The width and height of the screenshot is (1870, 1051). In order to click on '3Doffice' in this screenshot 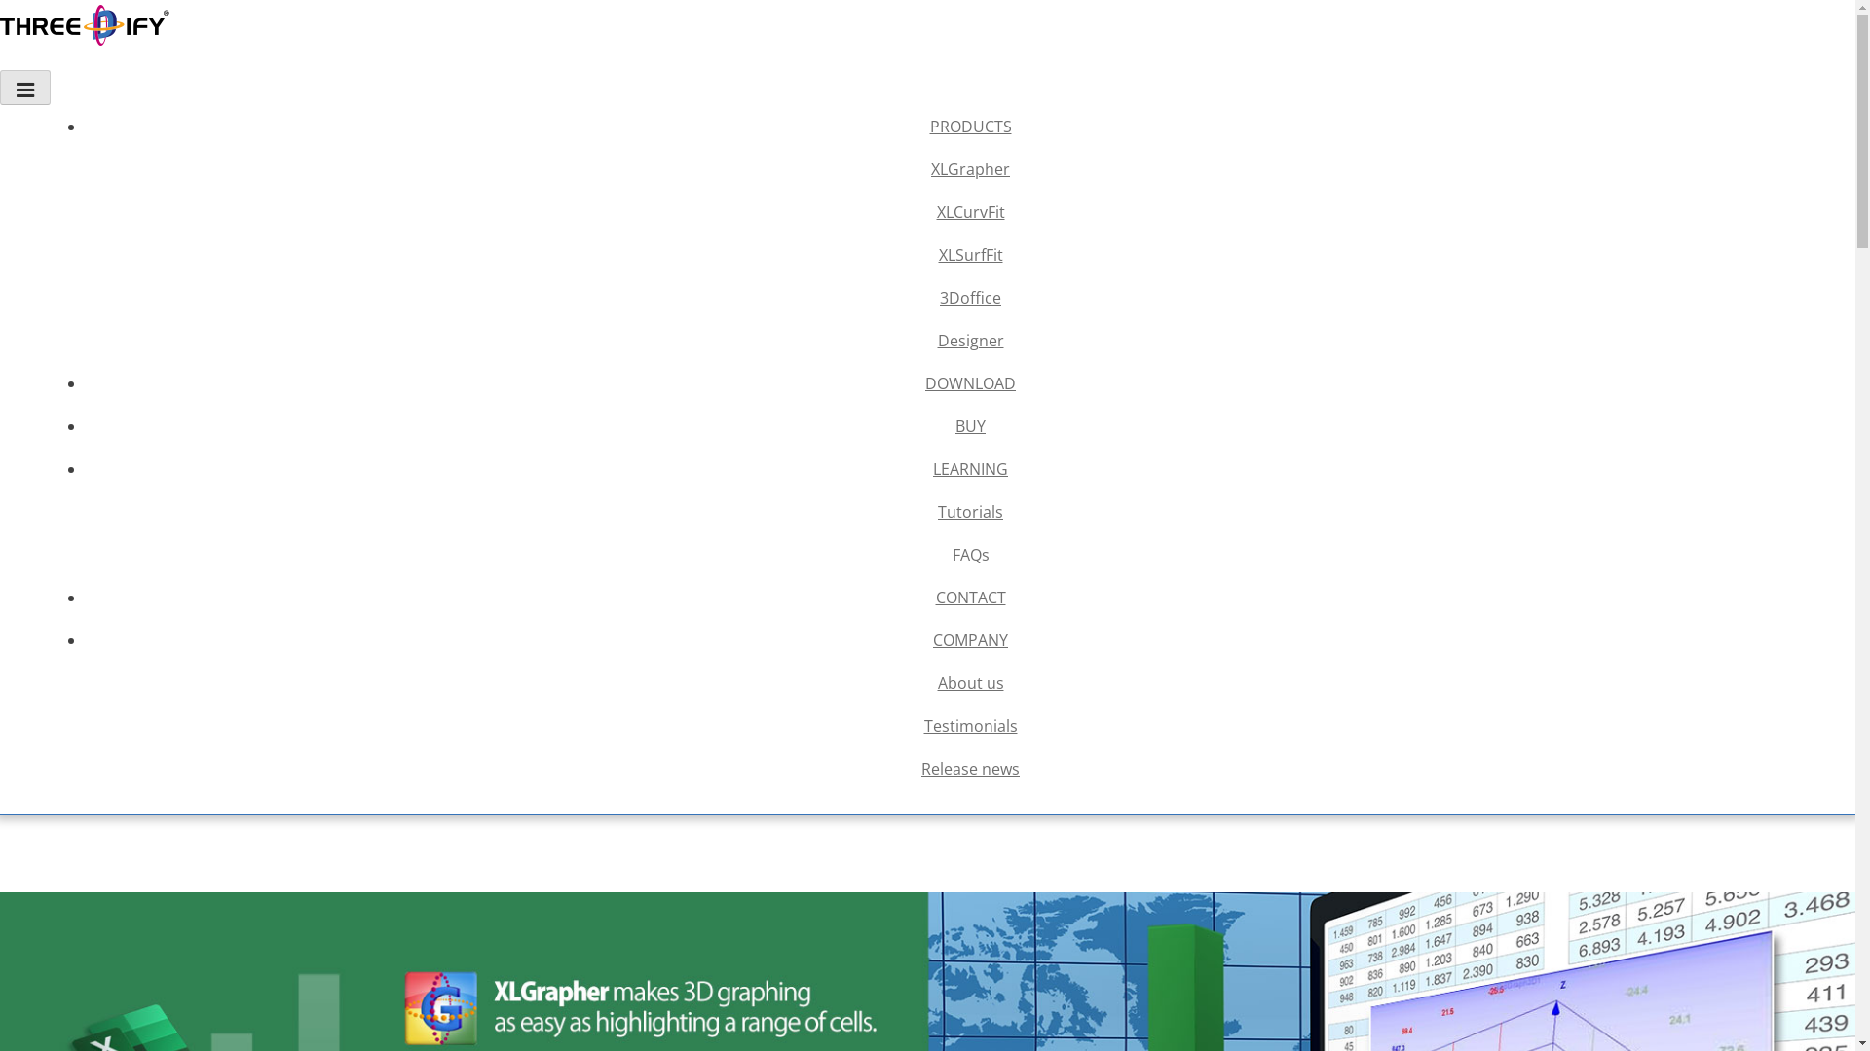, I will do `click(970, 297)`.